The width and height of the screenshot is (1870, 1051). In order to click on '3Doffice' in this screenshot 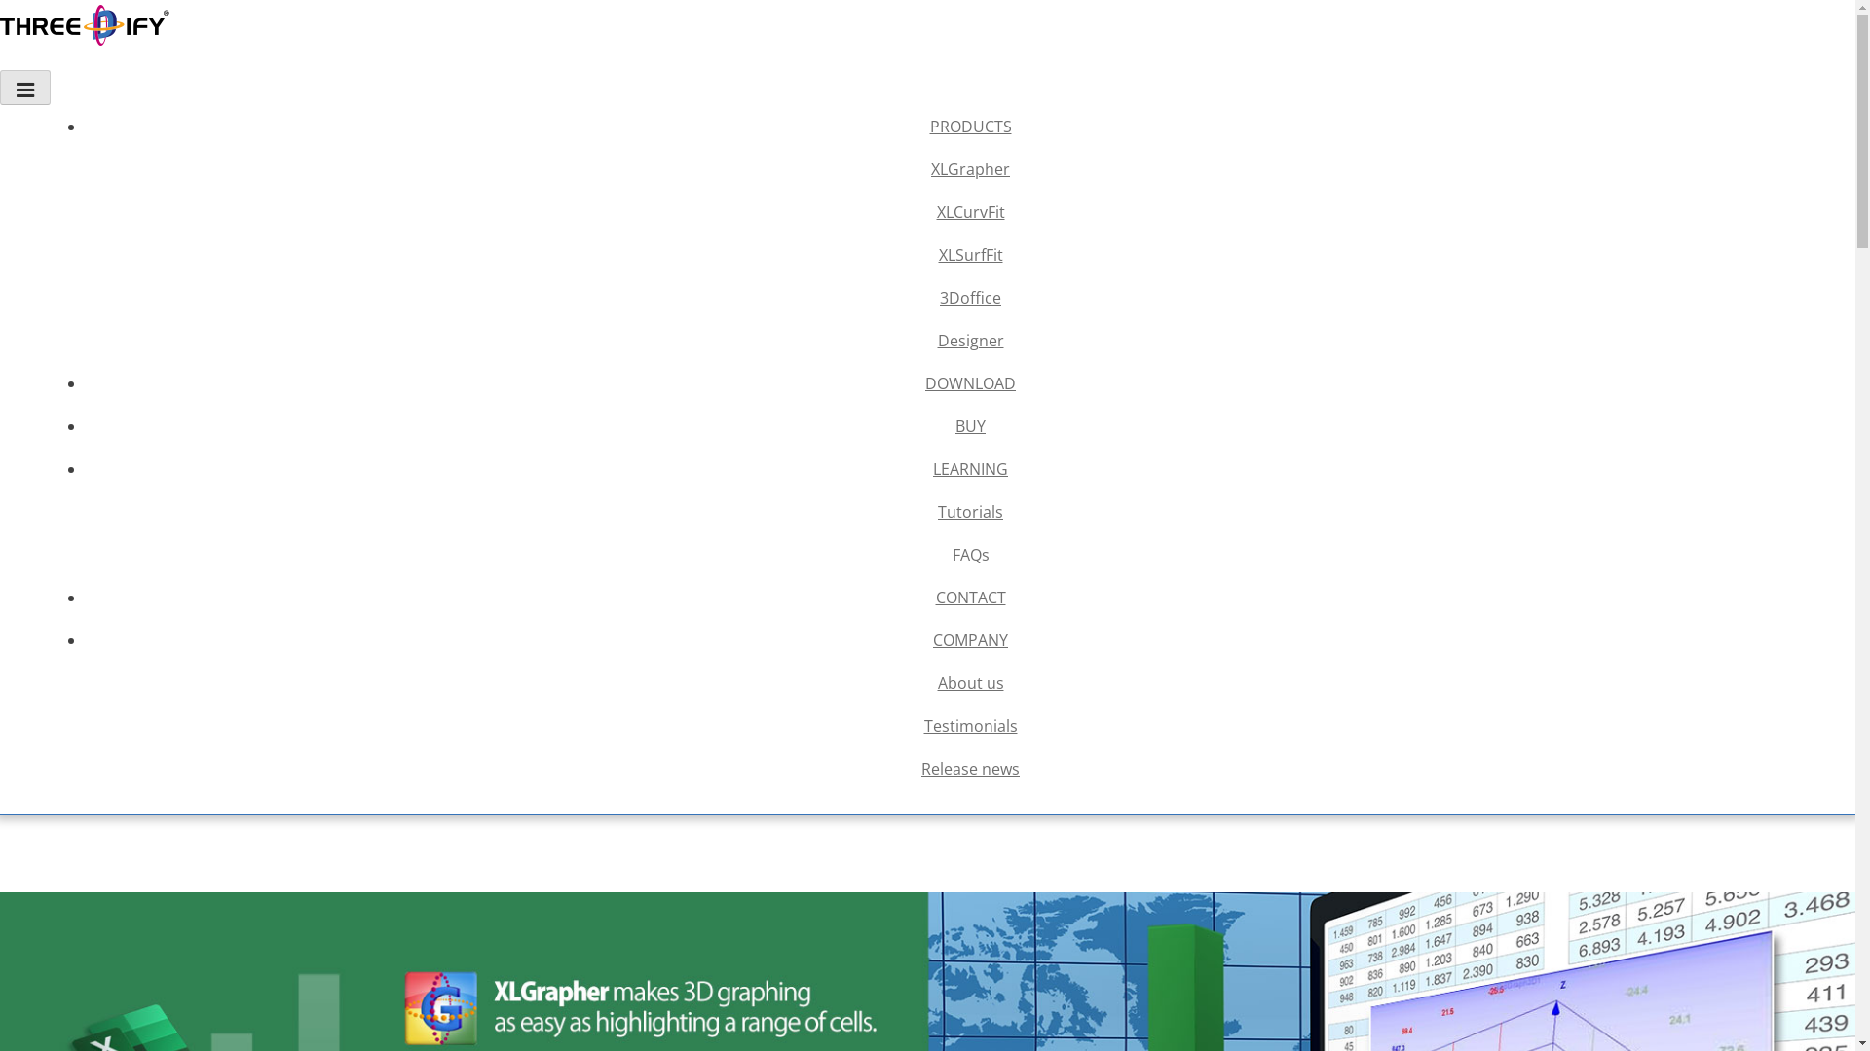, I will do `click(970, 297)`.